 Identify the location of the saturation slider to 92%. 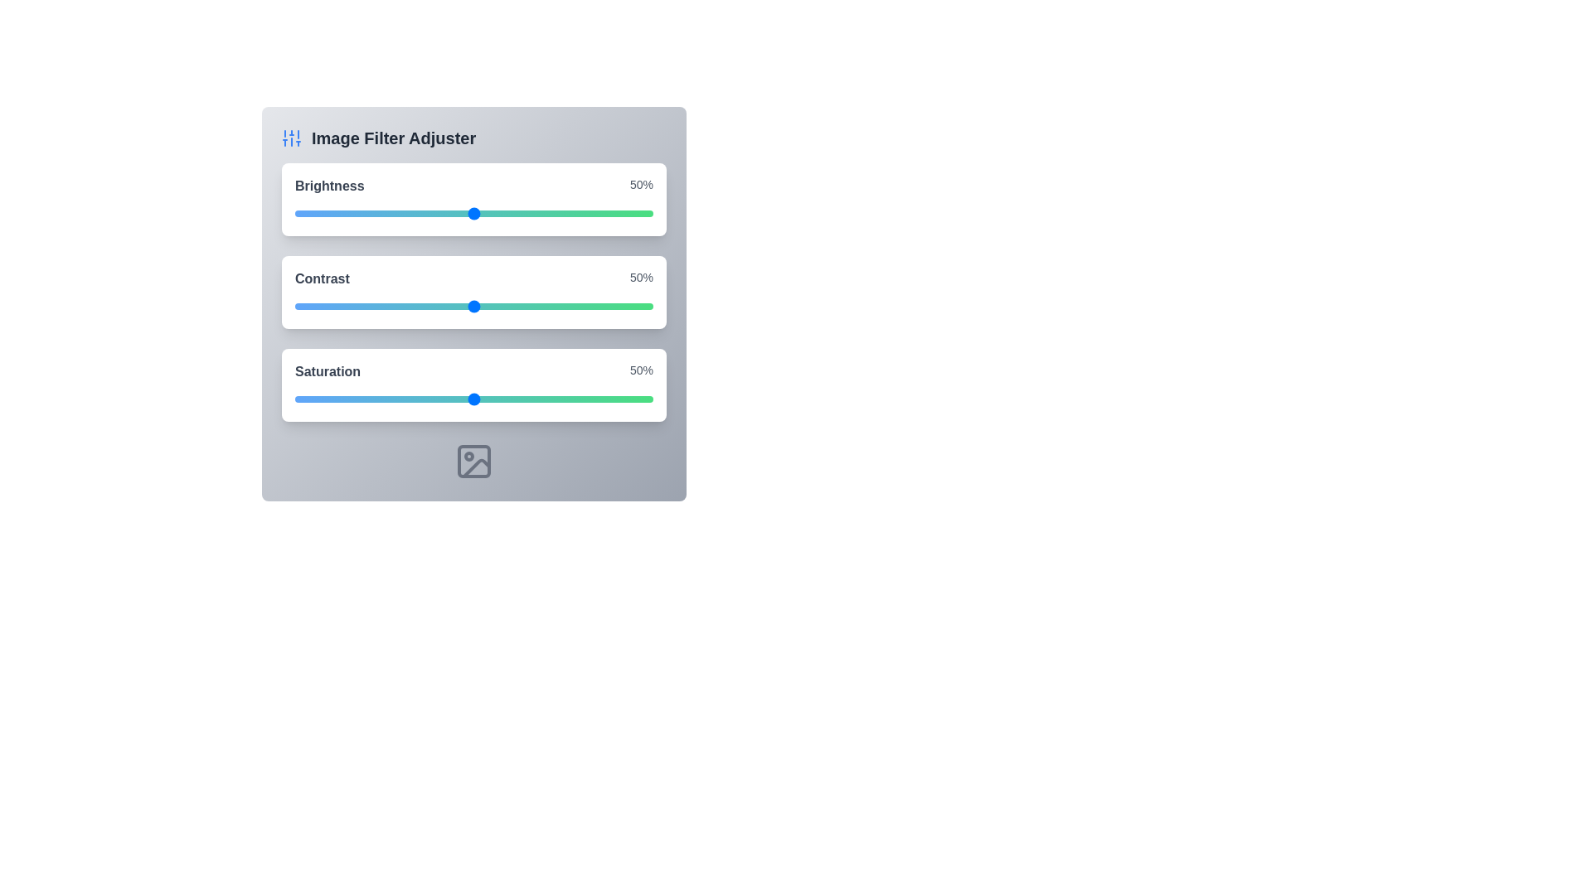
(624, 399).